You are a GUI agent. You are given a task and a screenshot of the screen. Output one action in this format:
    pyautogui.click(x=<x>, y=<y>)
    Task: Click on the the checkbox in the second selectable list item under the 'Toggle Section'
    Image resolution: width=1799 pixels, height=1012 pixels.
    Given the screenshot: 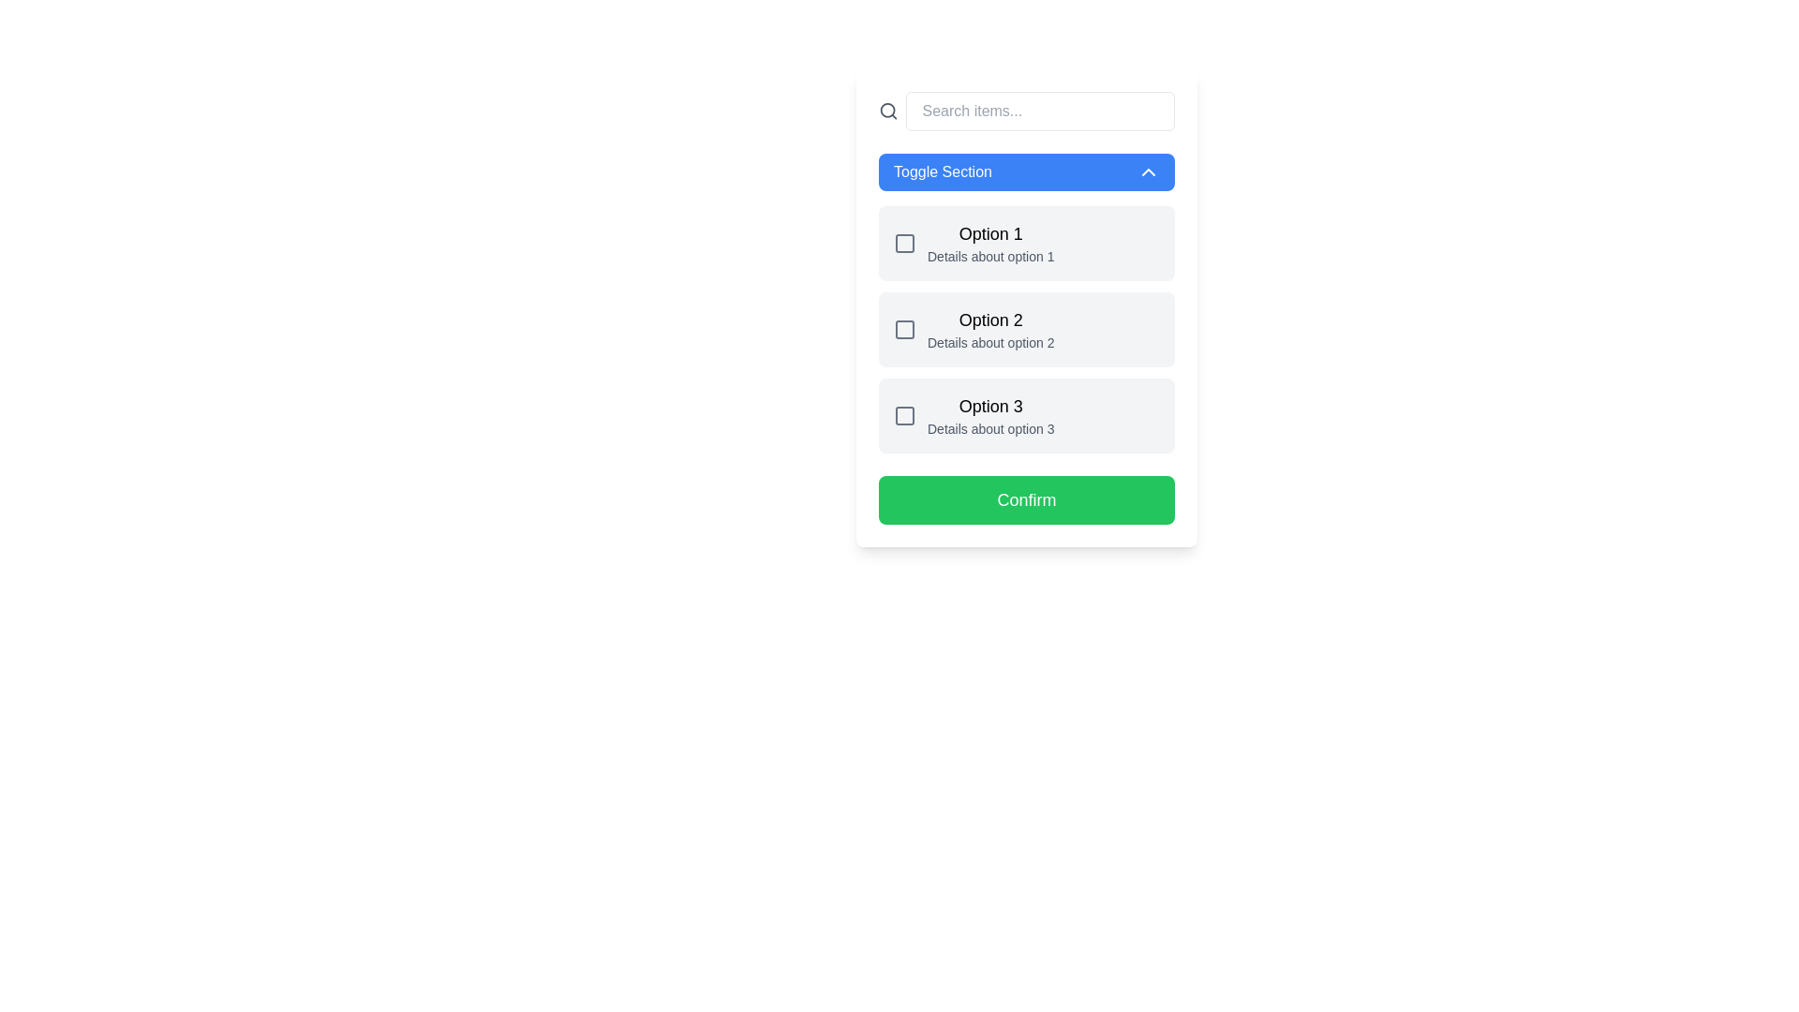 What is the action you would take?
    pyautogui.click(x=973, y=328)
    